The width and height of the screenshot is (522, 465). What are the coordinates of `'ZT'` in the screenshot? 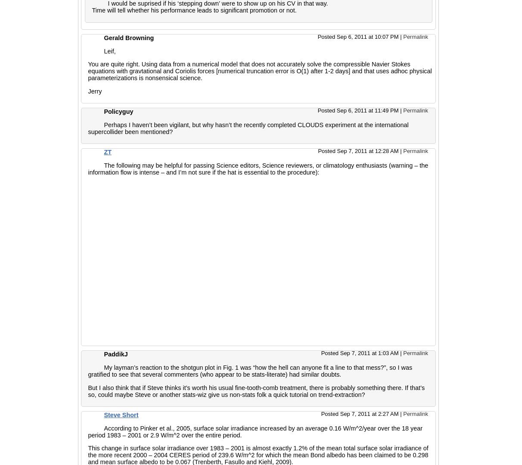 It's located at (108, 152).